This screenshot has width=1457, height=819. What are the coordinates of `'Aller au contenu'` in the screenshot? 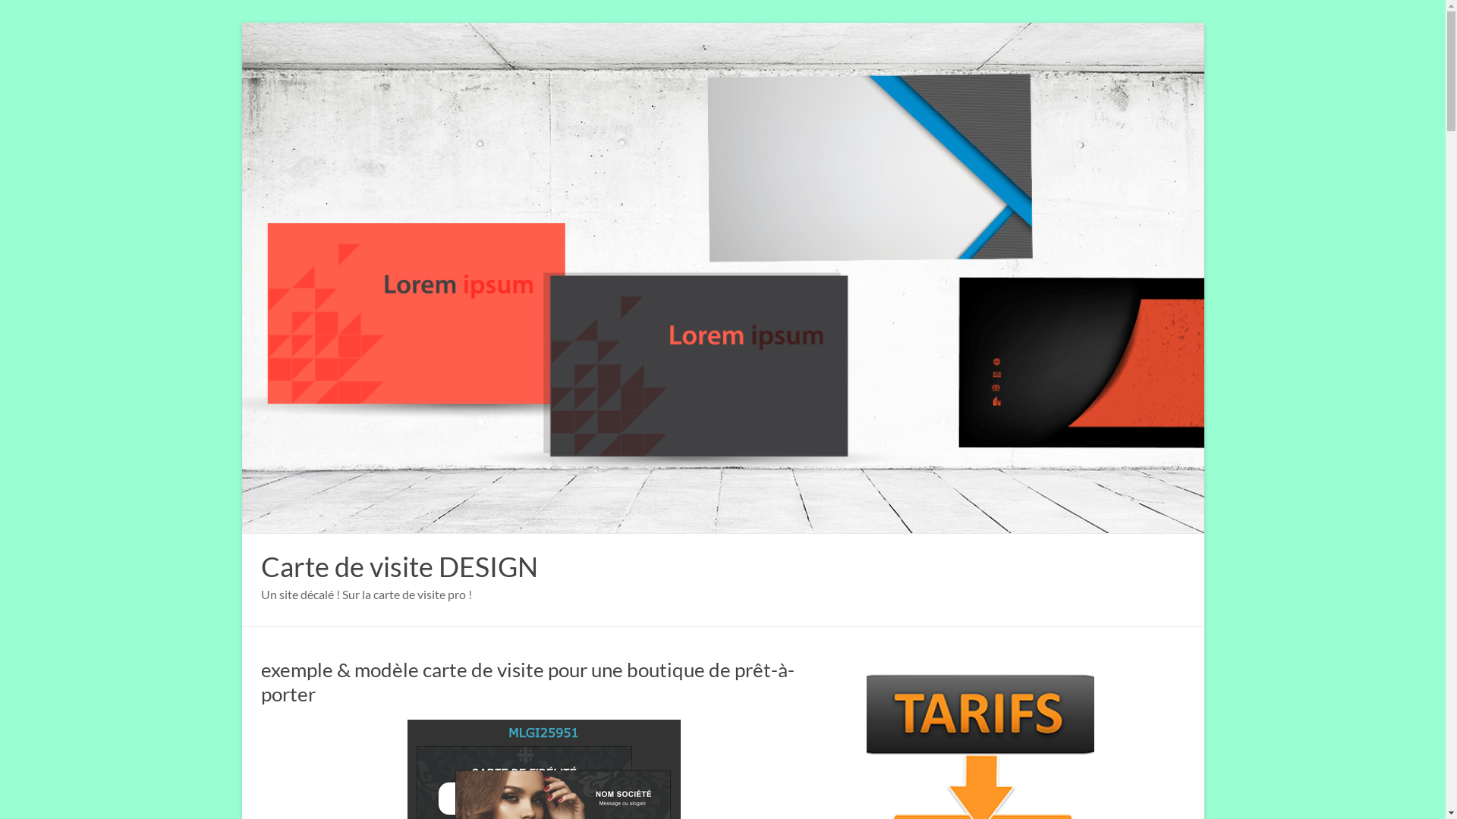 It's located at (241, 22).